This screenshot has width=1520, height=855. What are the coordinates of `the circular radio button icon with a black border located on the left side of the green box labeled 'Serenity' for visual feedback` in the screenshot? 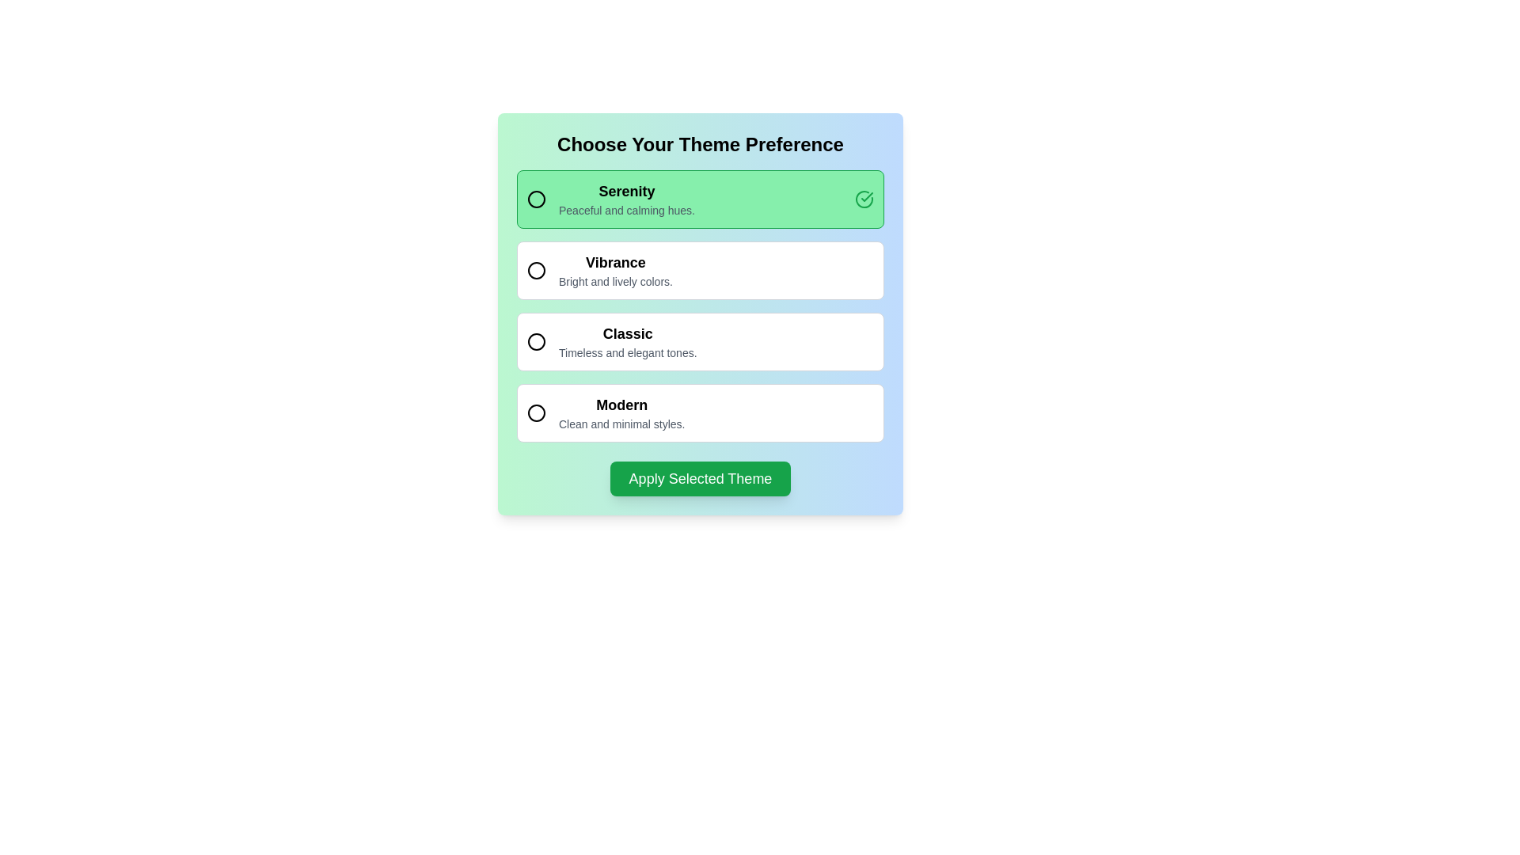 It's located at (536, 198).